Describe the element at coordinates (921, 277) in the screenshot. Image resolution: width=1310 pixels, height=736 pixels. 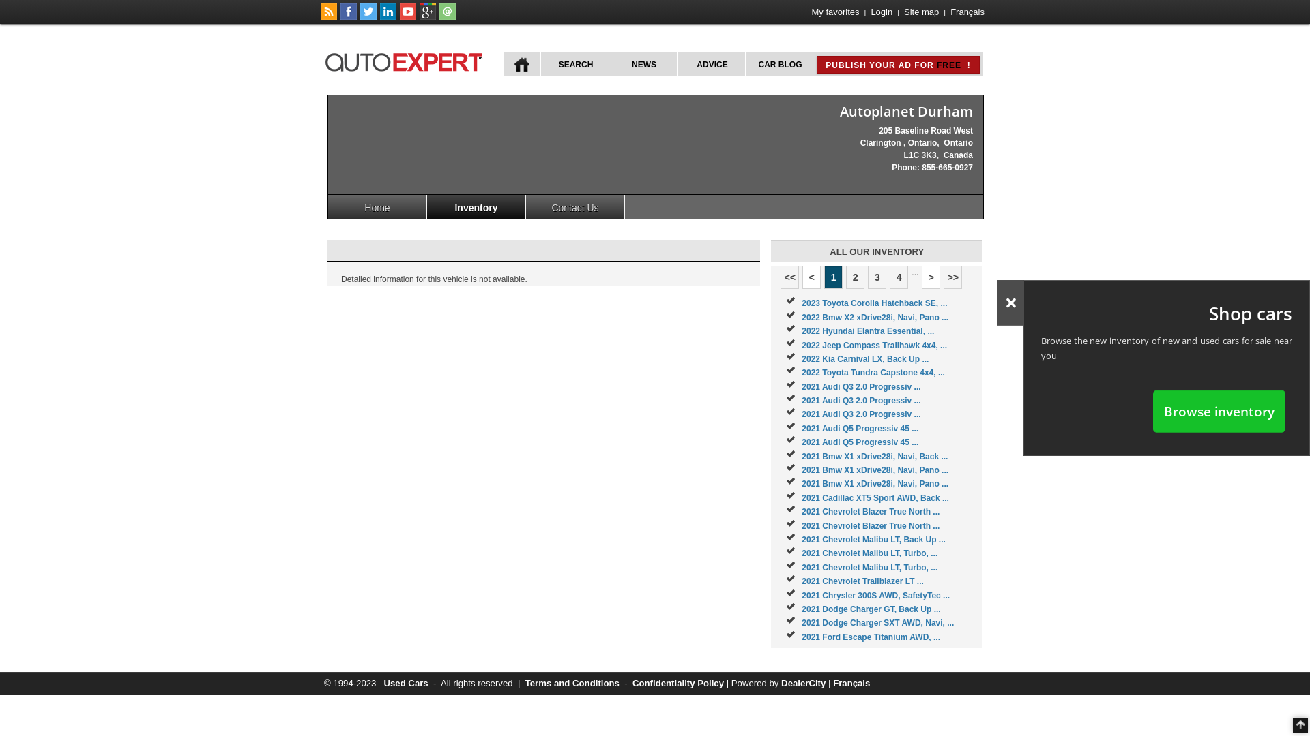
I see `'>'` at that location.